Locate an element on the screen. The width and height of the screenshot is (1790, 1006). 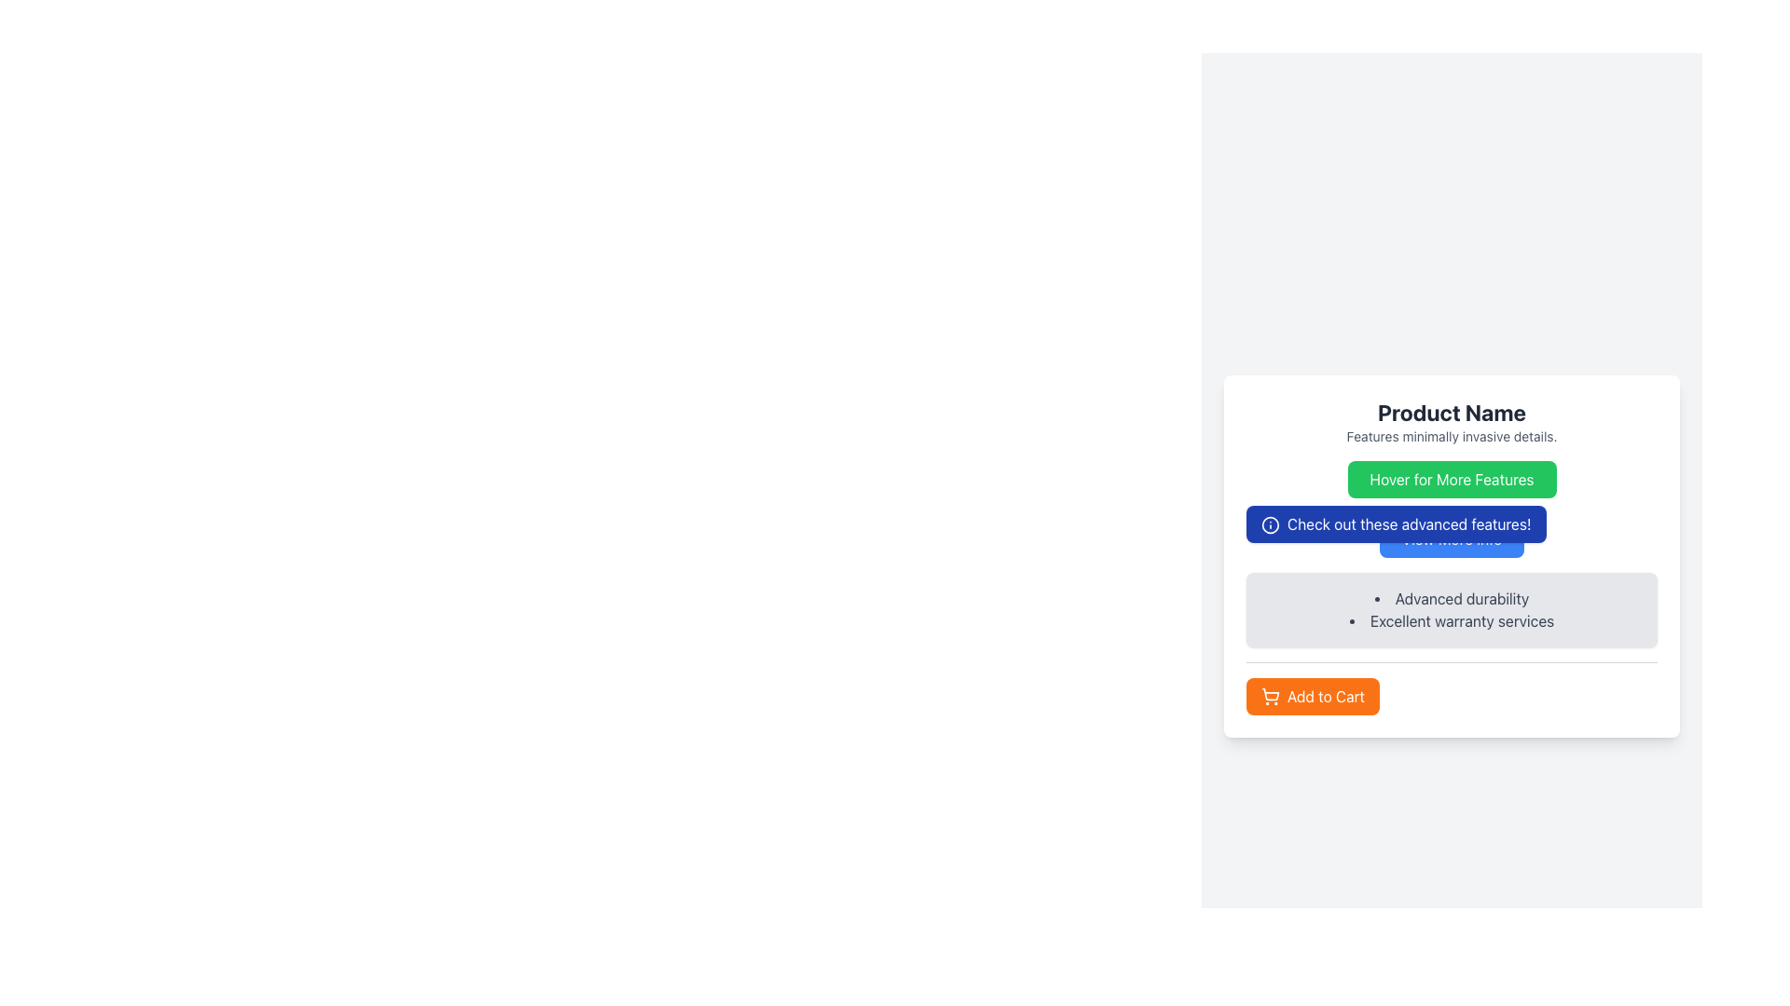
the 'Product Name' text block, which is a bold, dark gray title above a lighter gray description within a rounded card component is located at coordinates (1451, 421).